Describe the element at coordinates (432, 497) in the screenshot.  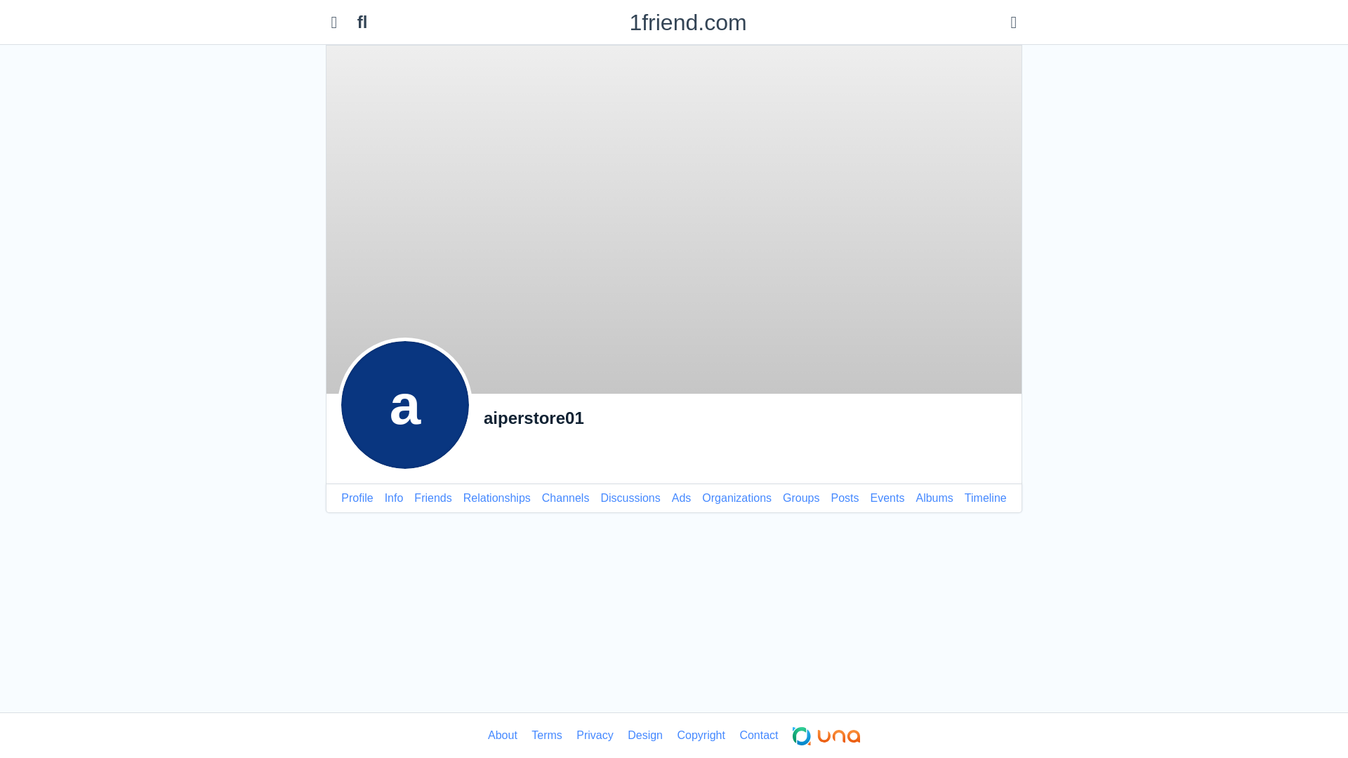
I see `'Friends'` at that location.